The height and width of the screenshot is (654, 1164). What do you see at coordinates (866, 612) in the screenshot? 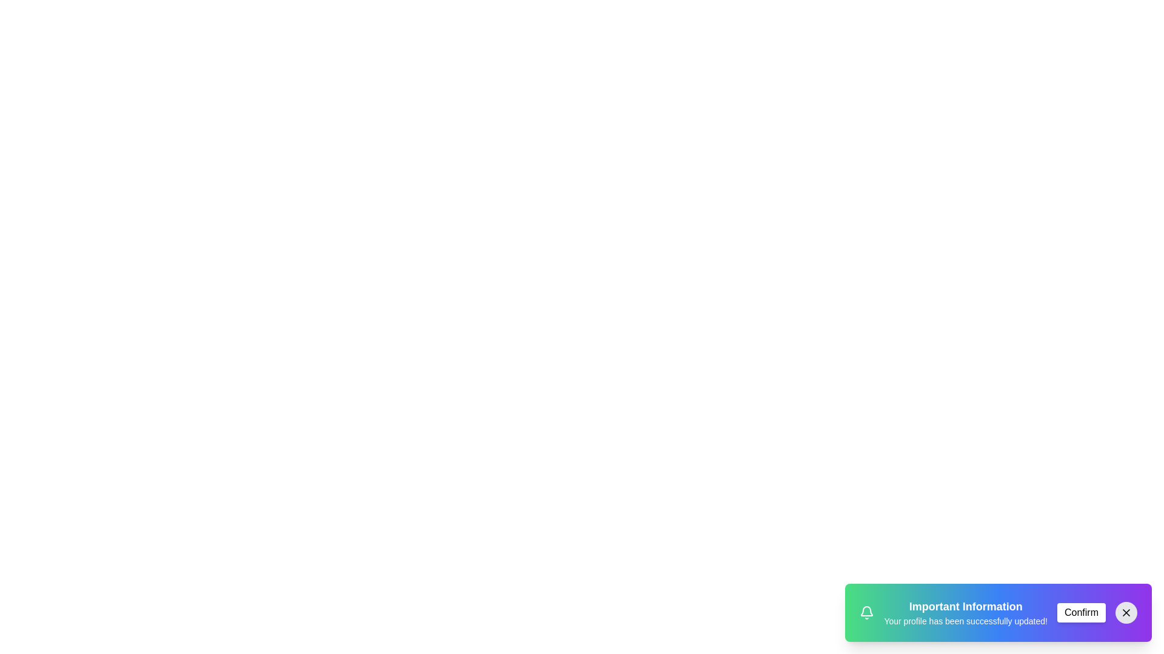
I see `the bell icon in the snackbar` at bounding box center [866, 612].